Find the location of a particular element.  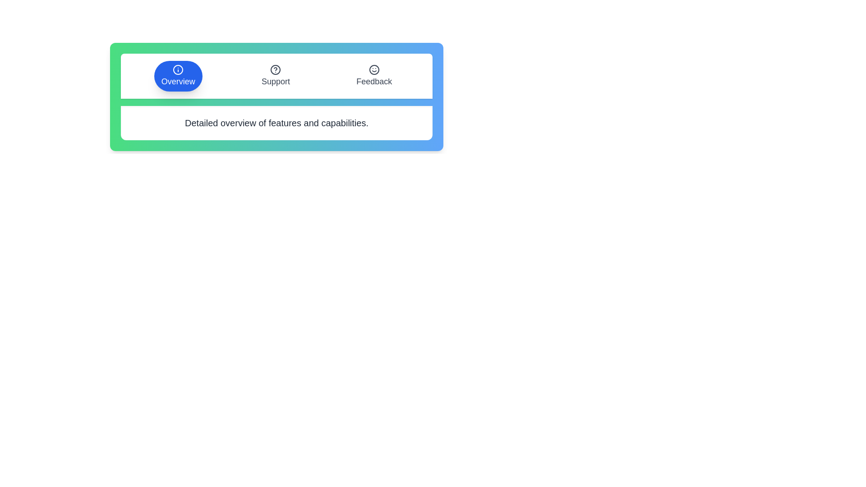

the tab labeled Overview to allow visual assessment is located at coordinates (178, 76).